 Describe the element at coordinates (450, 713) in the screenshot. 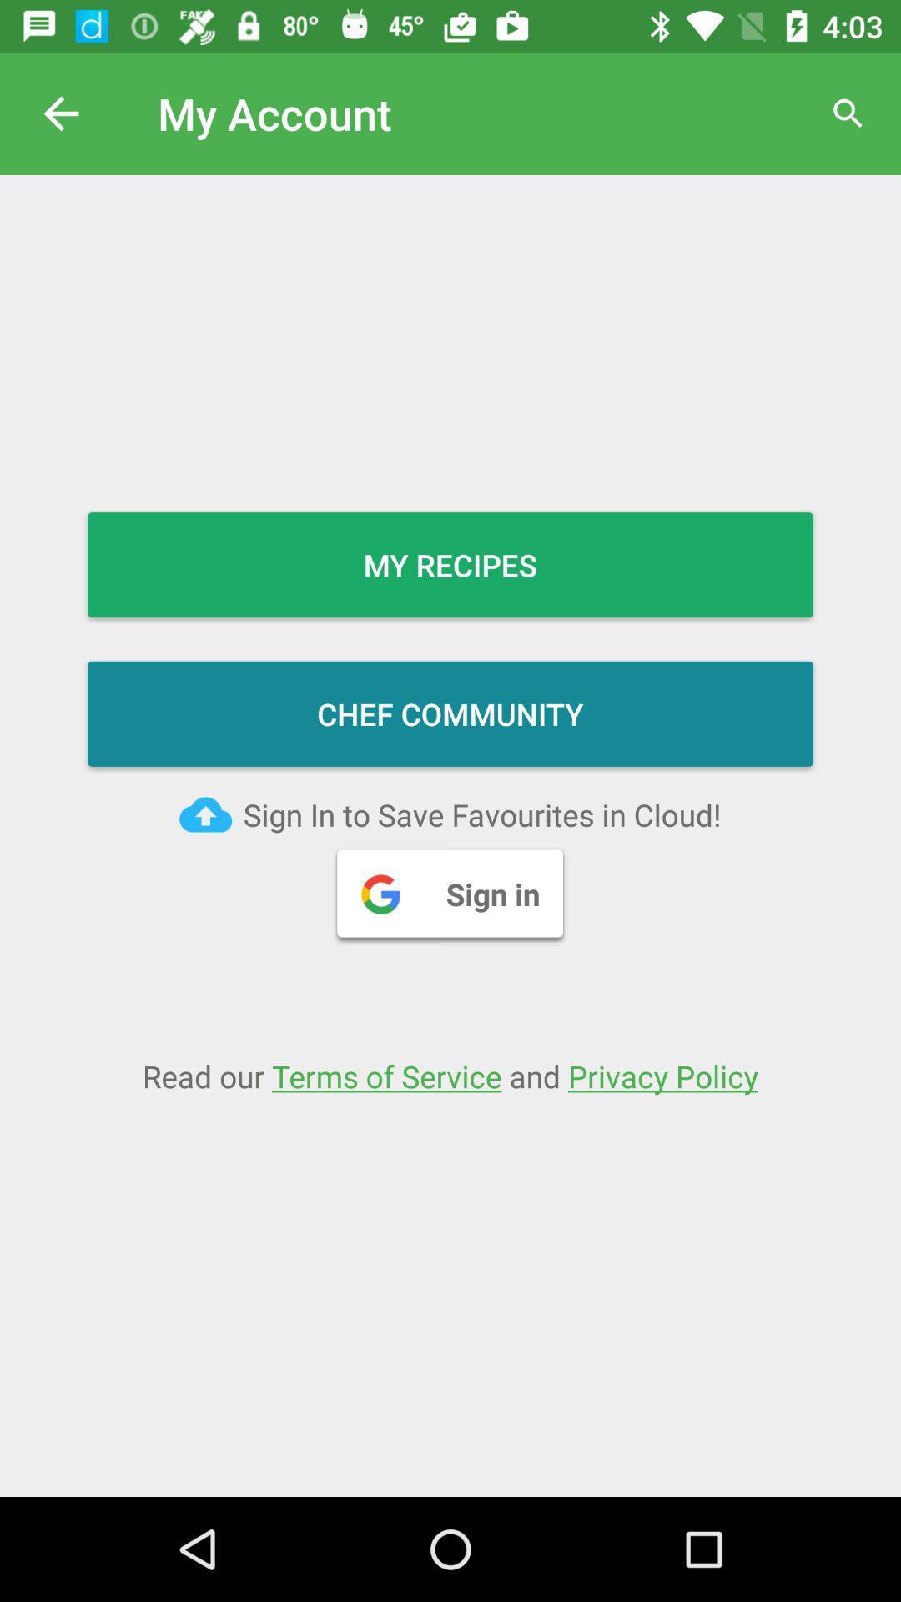

I see `chef community` at that location.